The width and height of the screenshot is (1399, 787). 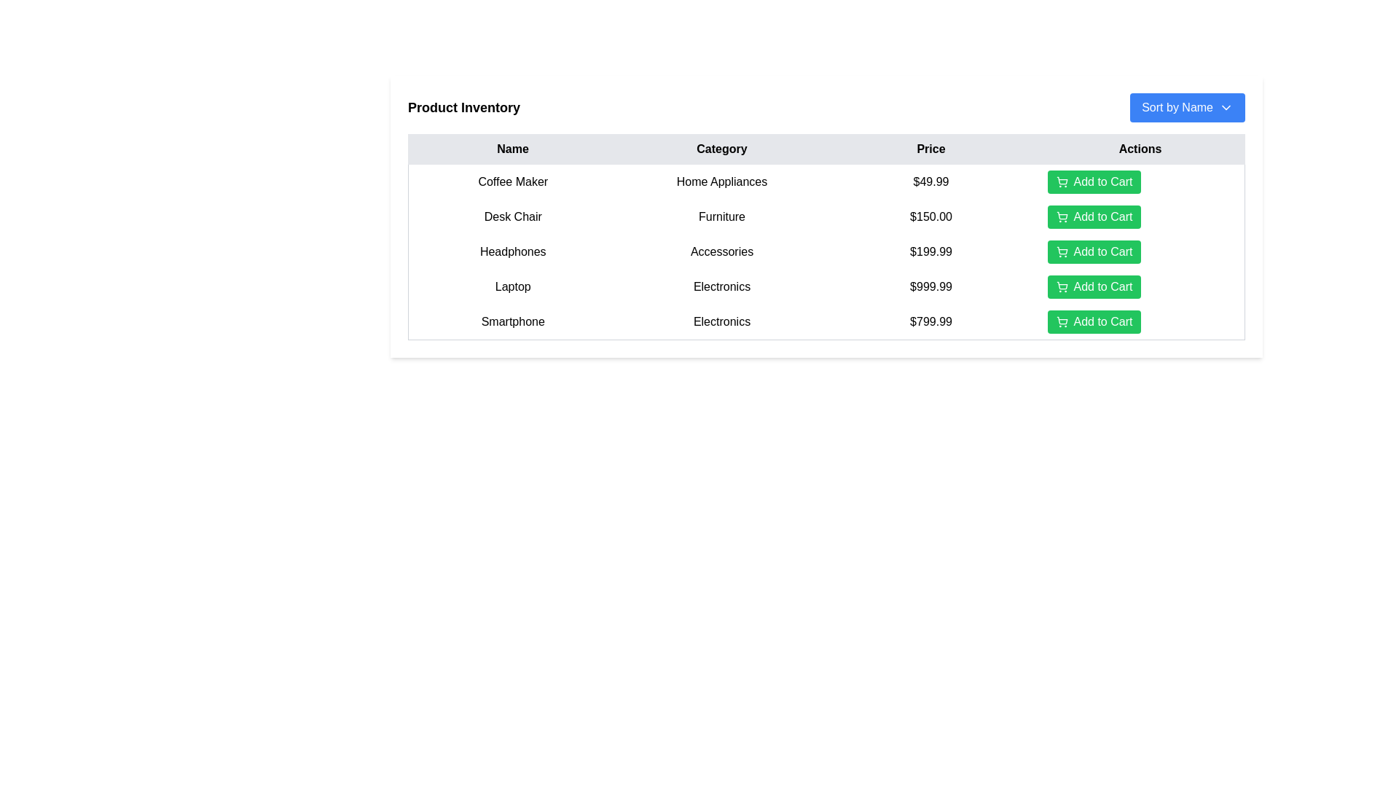 I want to click on the 'Electronics' text label located in the last row of the table under the 'Category' column, which is the second column from the left, so click(x=721, y=321).